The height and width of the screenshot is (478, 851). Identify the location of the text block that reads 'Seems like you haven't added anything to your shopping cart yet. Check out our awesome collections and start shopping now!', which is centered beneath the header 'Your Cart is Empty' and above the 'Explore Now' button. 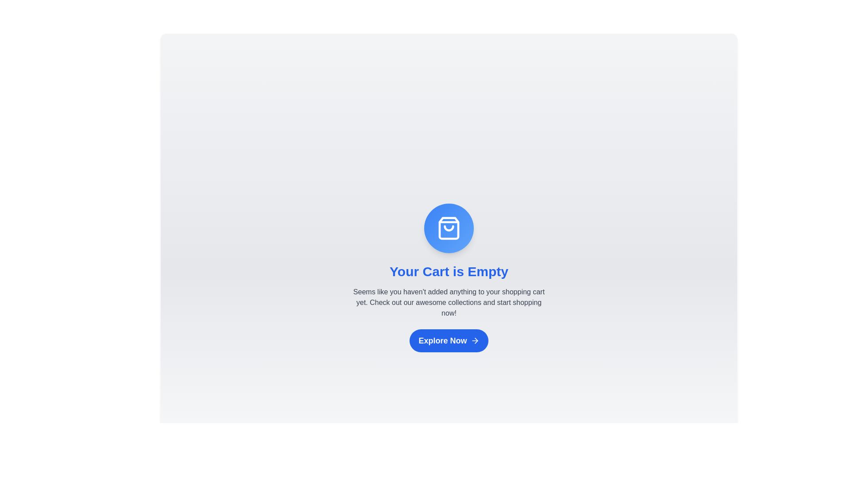
(449, 302).